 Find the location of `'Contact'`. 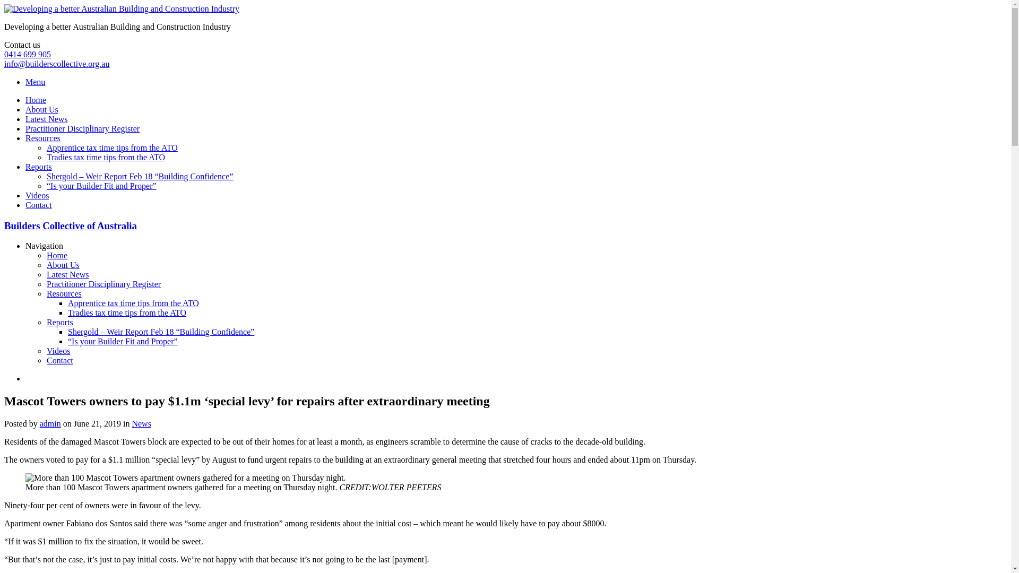

'Contact' is located at coordinates (25, 205).